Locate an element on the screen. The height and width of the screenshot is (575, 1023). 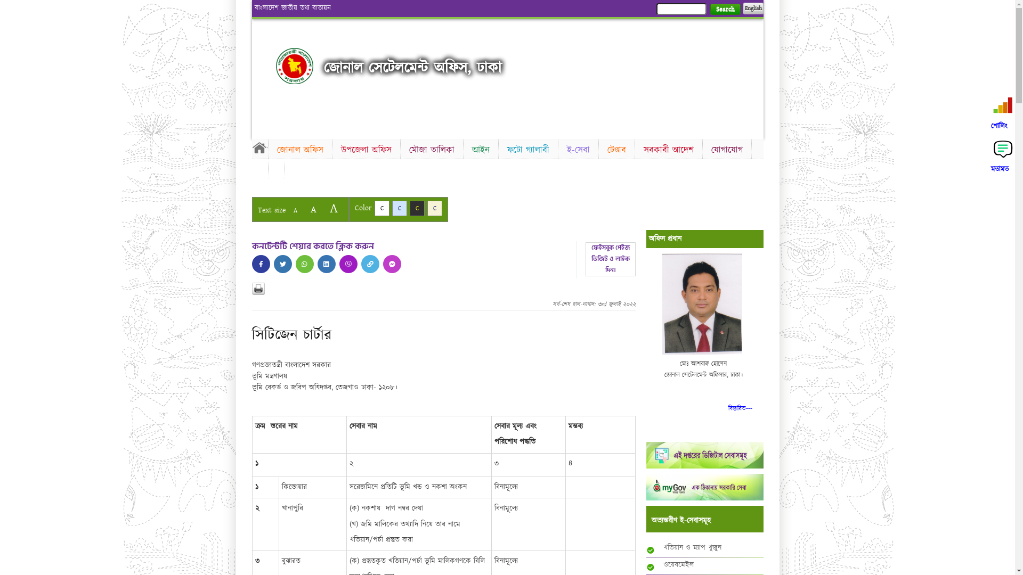
'Home' is located at coordinates (250, 147).